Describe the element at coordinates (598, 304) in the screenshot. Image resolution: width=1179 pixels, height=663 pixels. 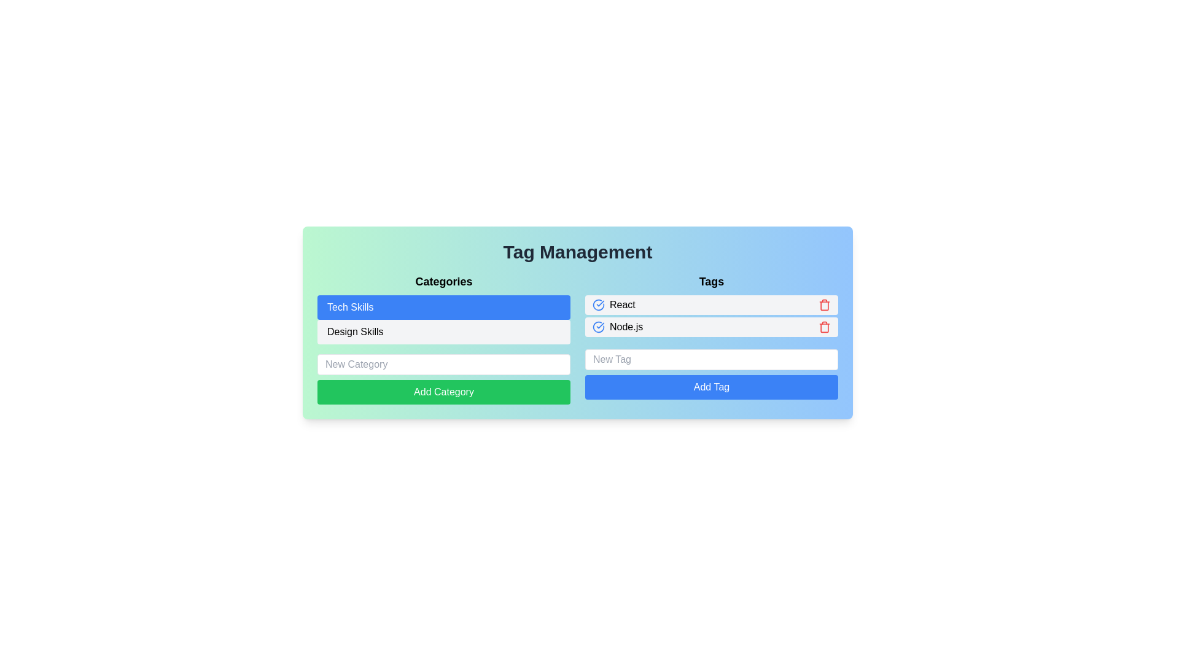
I see `the blue checkmark icon located to the left of the text 'React' in the horizontal layout of tags for interaction` at that location.